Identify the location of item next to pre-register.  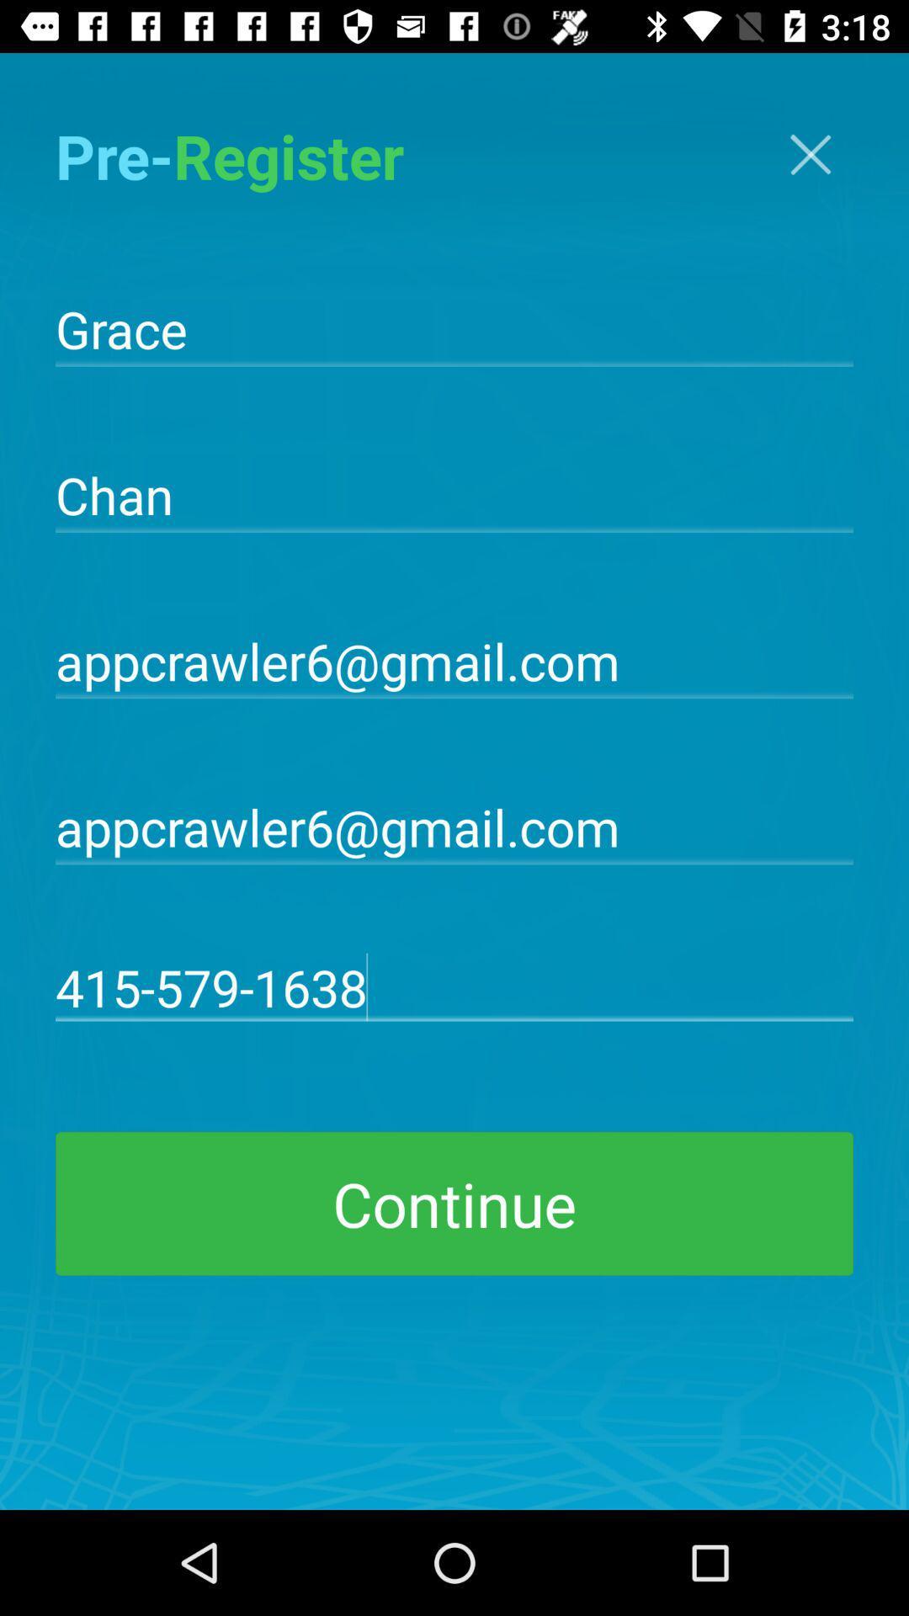
(810, 154).